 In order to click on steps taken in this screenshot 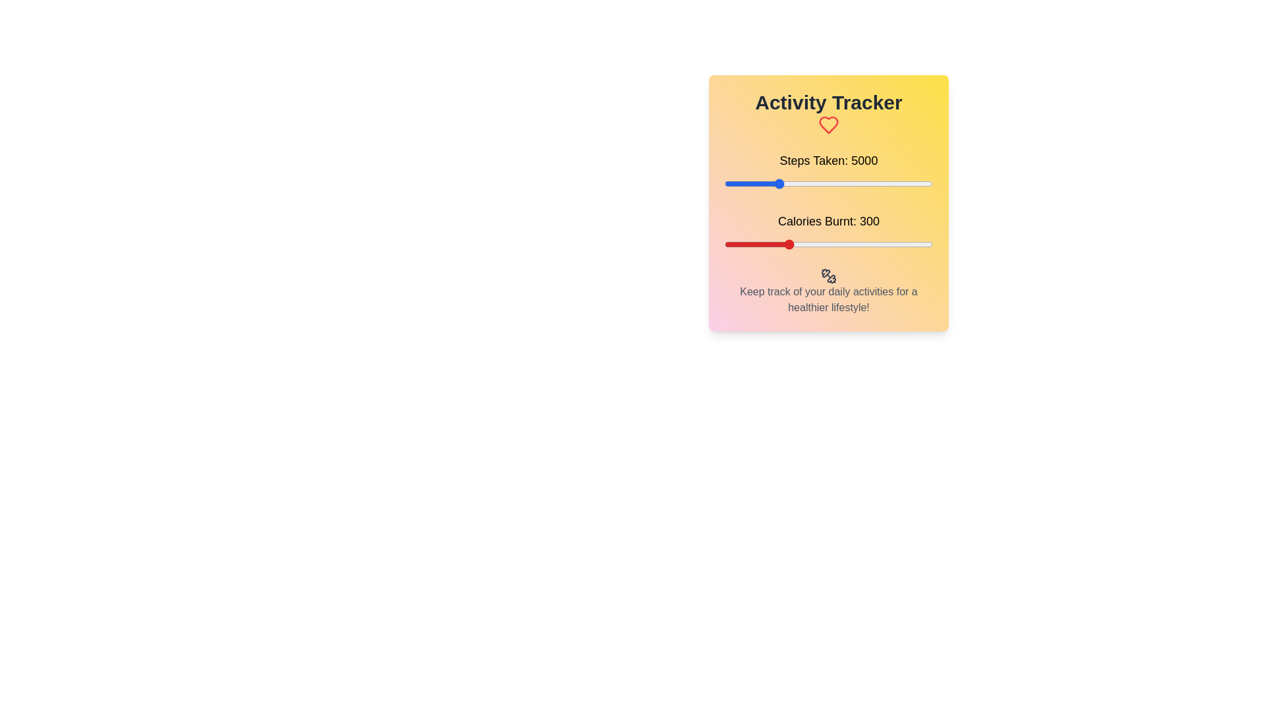, I will do `click(809, 183)`.